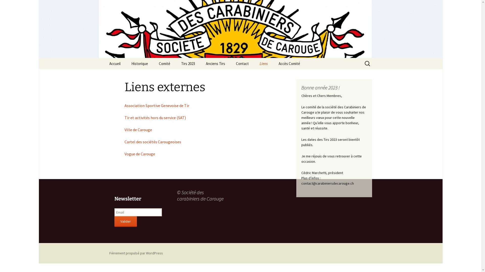 The width and height of the screenshot is (485, 272). I want to click on 'Tirs 2022', so click(225, 75).